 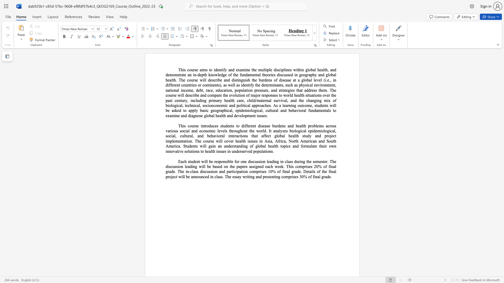 I want to click on the 2th character "n" in the text, so click(x=212, y=85).